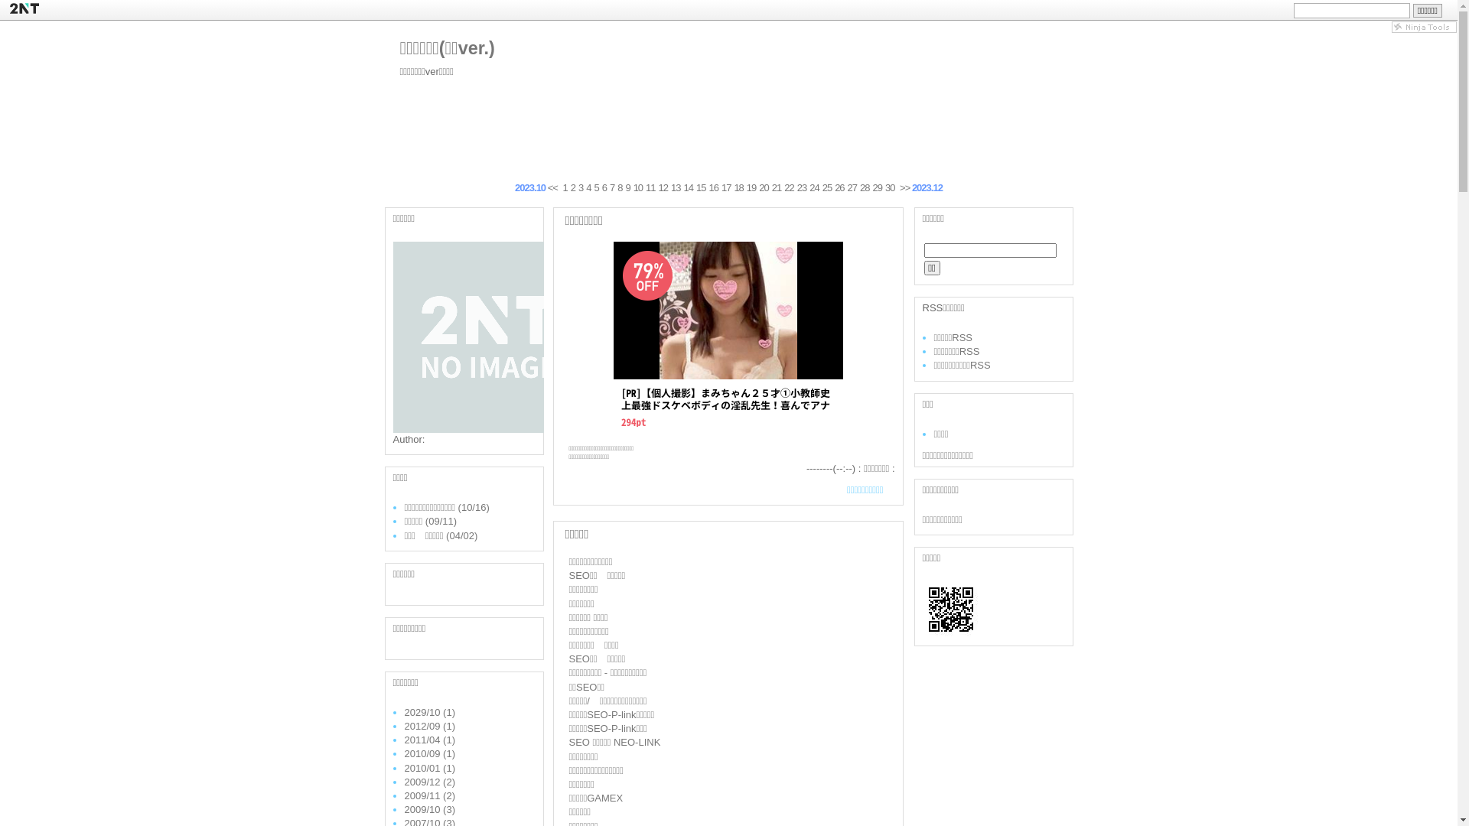 This screenshot has width=1469, height=826. I want to click on '2012/09 (1)', so click(428, 725).